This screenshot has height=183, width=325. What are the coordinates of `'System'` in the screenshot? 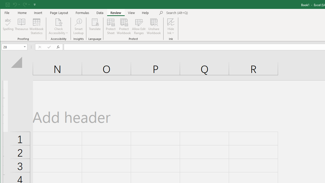 It's located at (5, 5).